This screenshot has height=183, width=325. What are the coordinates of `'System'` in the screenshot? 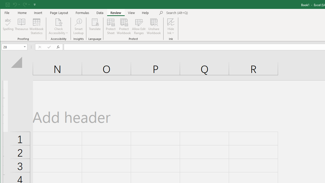 It's located at (5, 5).